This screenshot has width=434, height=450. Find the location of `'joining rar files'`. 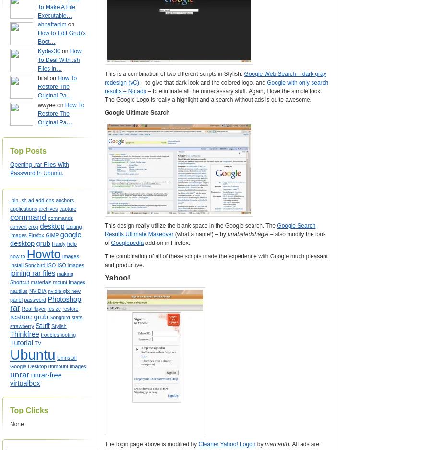

'joining rar files' is located at coordinates (32, 273).